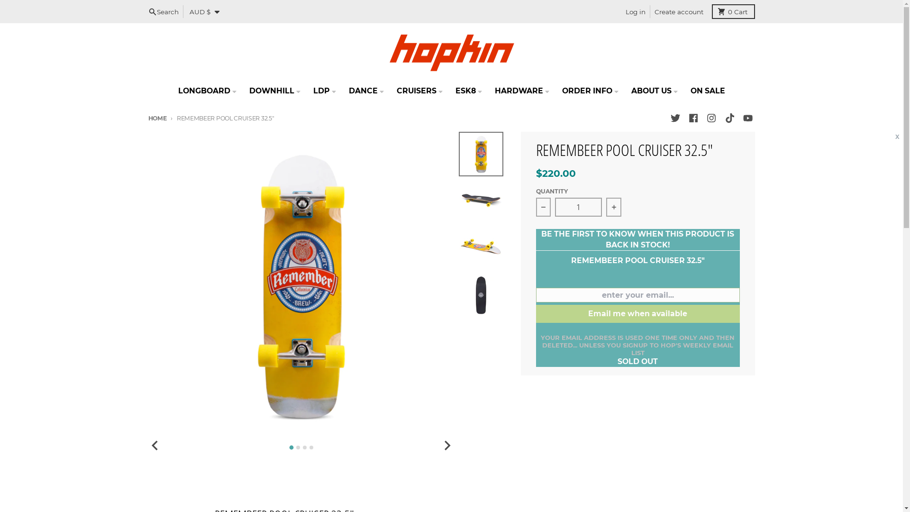  I want to click on '0, so click(733, 11).